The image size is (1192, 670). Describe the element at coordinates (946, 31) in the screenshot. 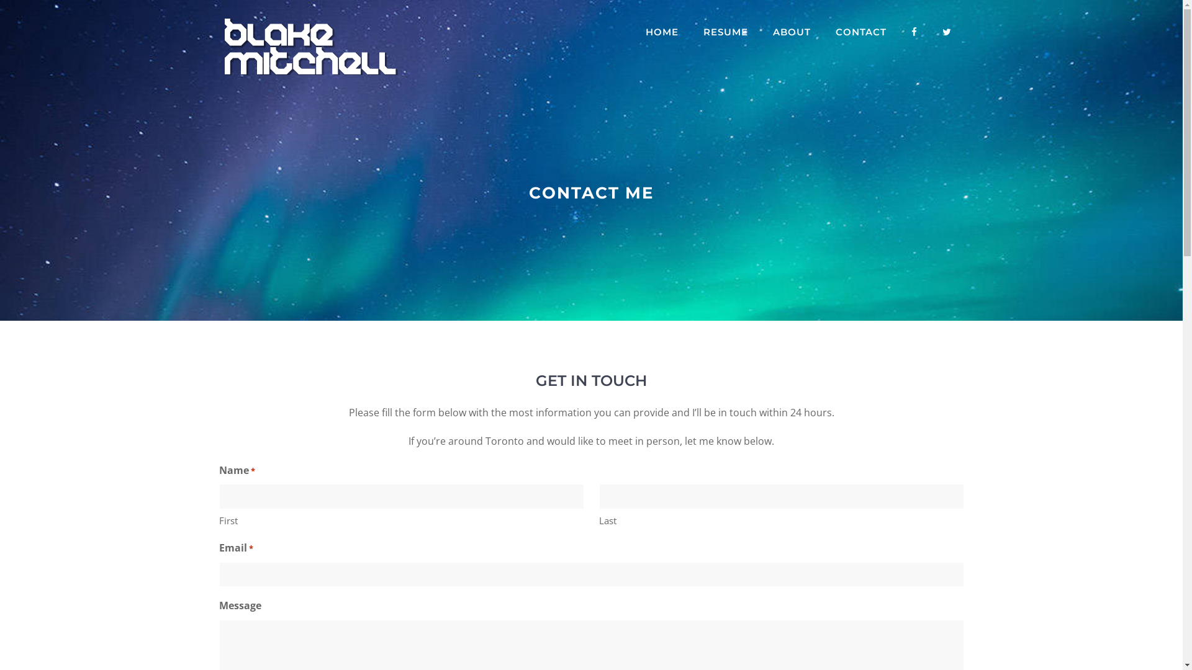

I see `'TWITTER'` at that location.